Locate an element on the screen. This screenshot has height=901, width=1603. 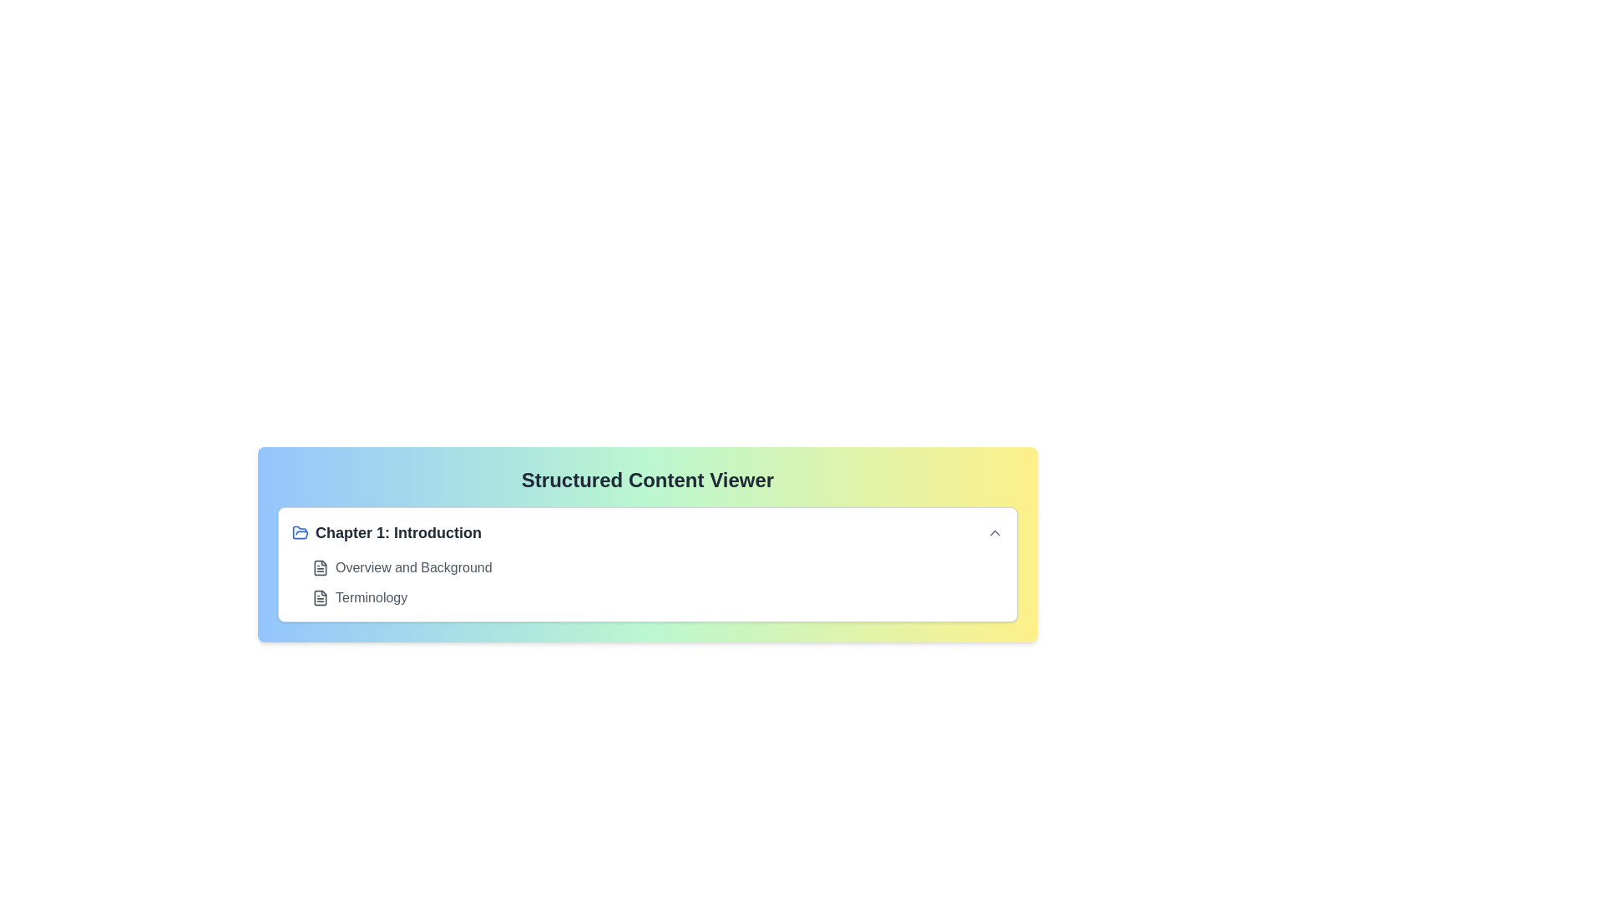
the icon representing the document 'Overview and Background', located at the leftmost side of the row containing the text in the first chapter of the structured content viewer is located at coordinates (321, 567).